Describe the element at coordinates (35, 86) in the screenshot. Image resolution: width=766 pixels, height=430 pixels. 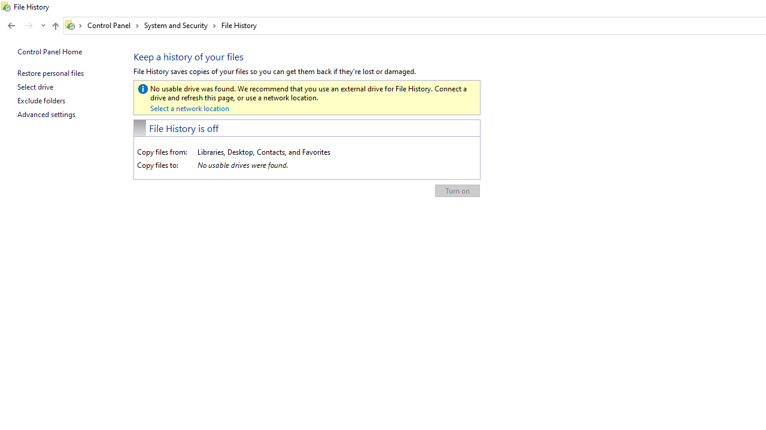
I see `'Select drive'` at that location.